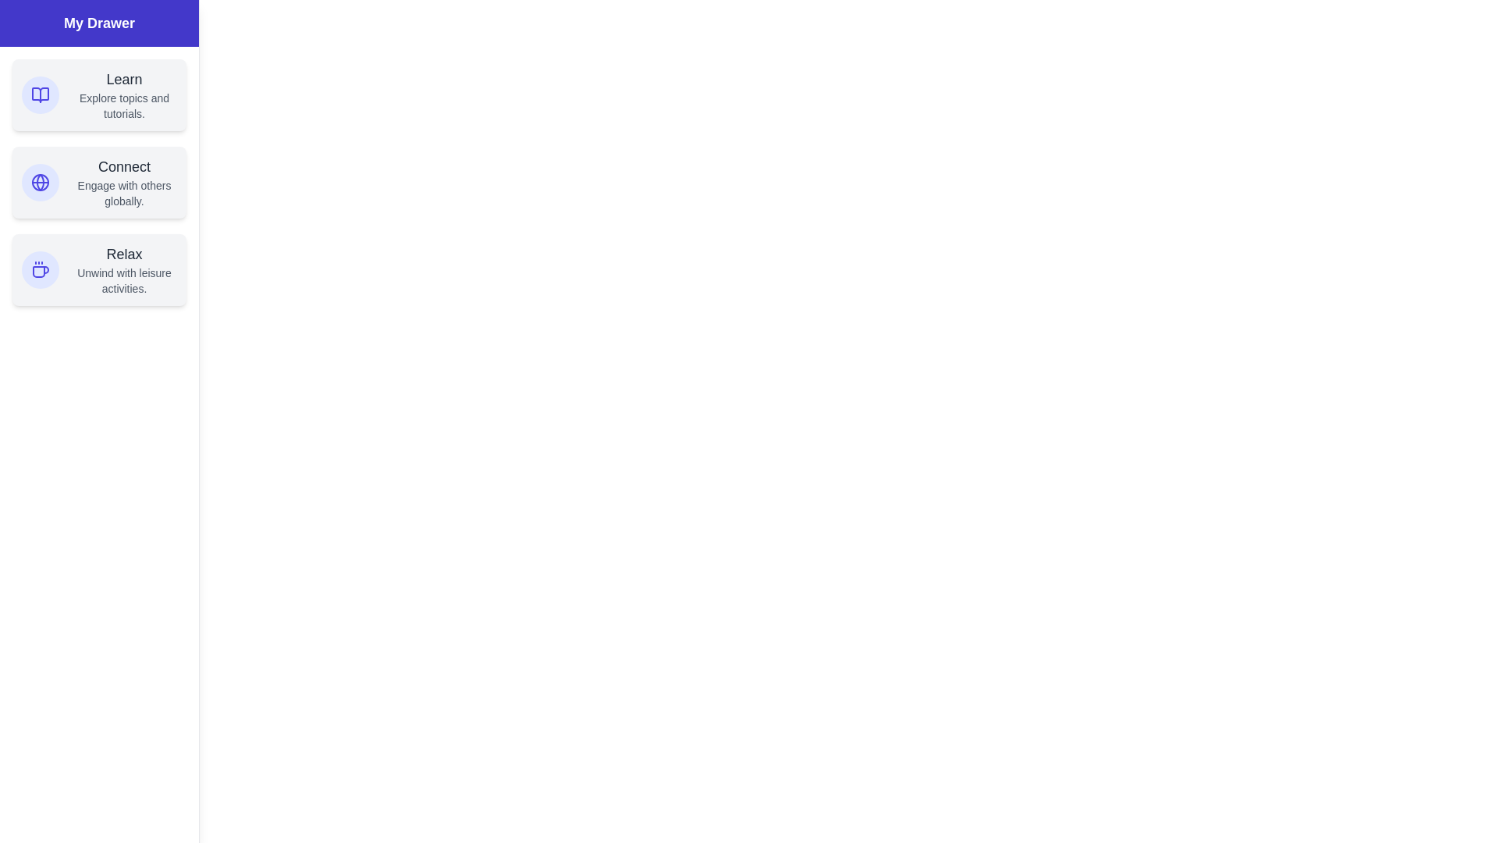 The width and height of the screenshot is (1498, 843). What do you see at coordinates (98, 23) in the screenshot?
I see `the header of the drawer labeled 'My Drawer'` at bounding box center [98, 23].